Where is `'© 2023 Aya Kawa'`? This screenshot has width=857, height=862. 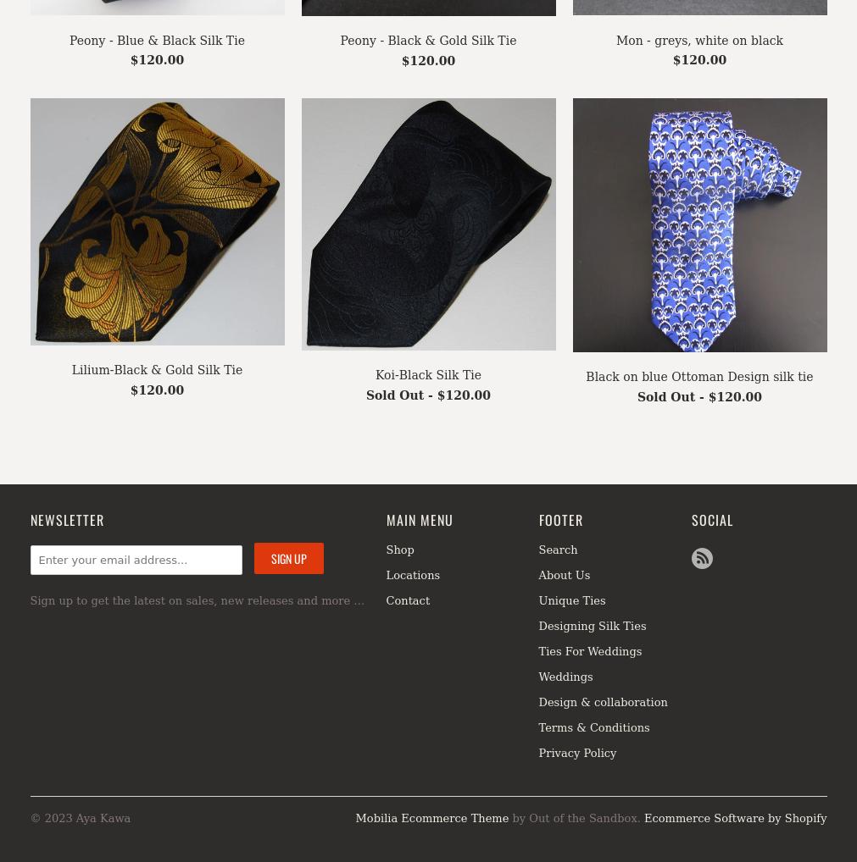
'© 2023 Aya Kawa' is located at coordinates (79, 816).